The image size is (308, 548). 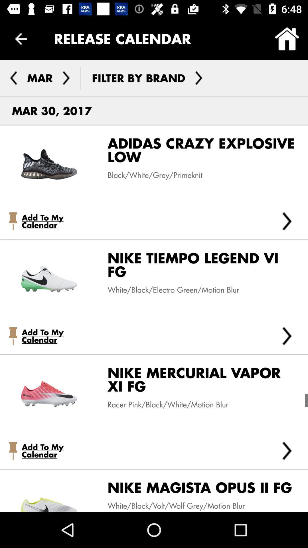 What do you see at coordinates (197, 267) in the screenshot?
I see `the nike tiempo legend item` at bounding box center [197, 267].